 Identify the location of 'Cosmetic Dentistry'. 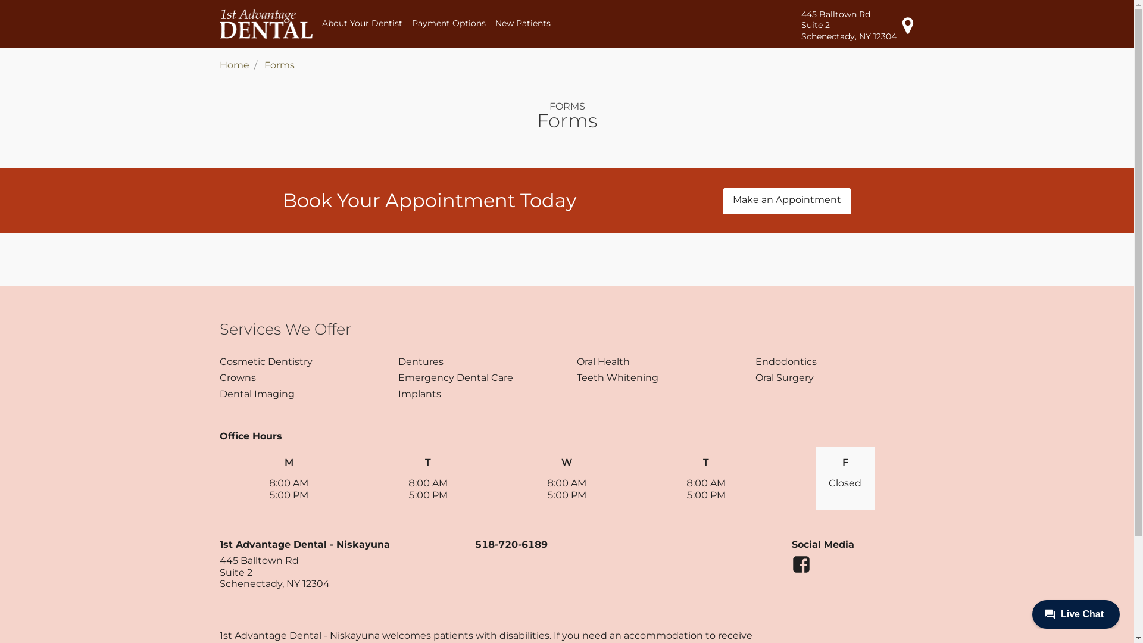
(265, 361).